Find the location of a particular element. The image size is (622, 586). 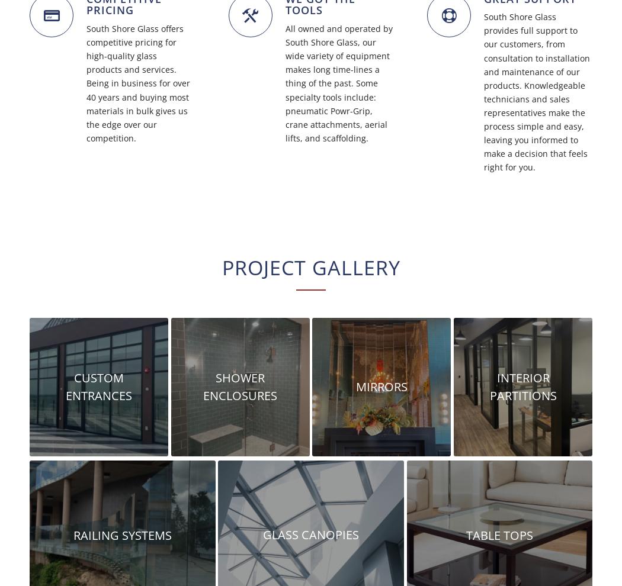

'South Shore Glass offers competitive pricing for high-quality glass products and services. Being in business for over 40 years and buying most materials in bulk gives us the edge over our competition.' is located at coordinates (138, 82).